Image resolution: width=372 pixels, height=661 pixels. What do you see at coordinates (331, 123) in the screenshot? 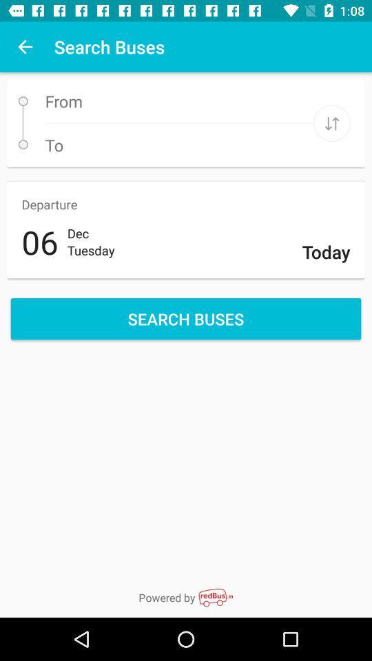
I see `the icon above the departure` at bounding box center [331, 123].